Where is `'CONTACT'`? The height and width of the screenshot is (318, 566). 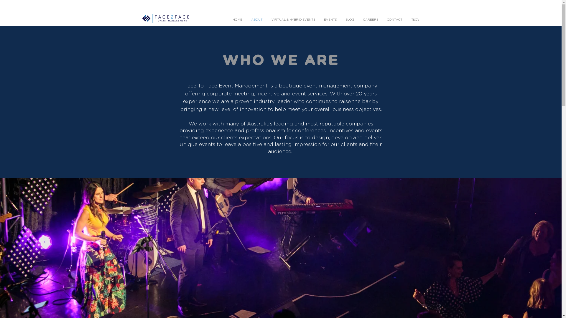
'CONTACT' is located at coordinates (382, 19).